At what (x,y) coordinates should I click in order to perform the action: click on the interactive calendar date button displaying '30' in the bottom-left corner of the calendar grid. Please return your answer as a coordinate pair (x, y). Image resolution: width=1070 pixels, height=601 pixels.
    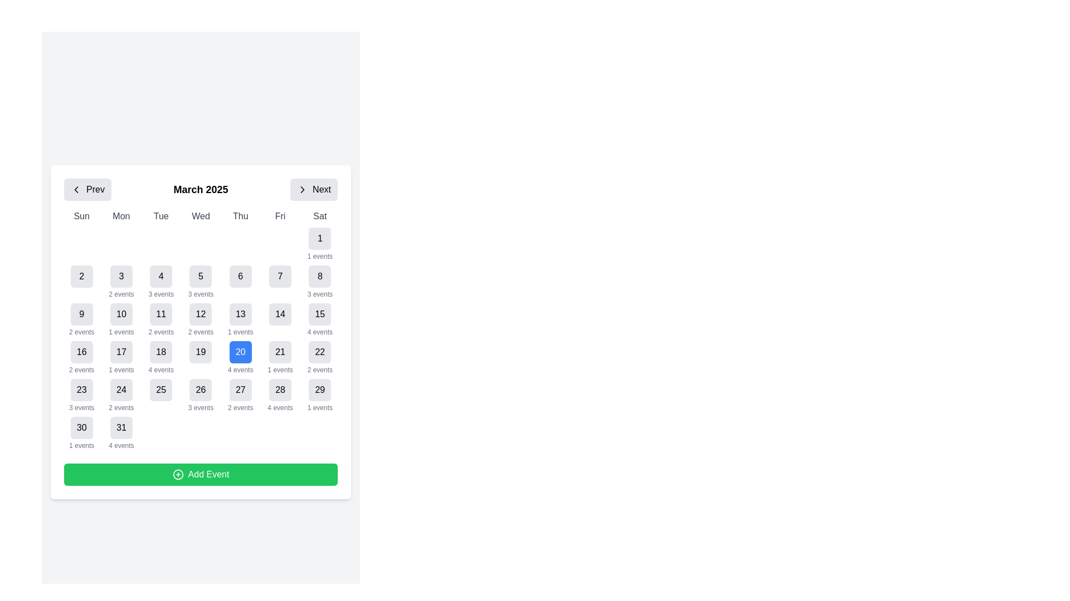
    Looking at the image, I should click on (81, 427).